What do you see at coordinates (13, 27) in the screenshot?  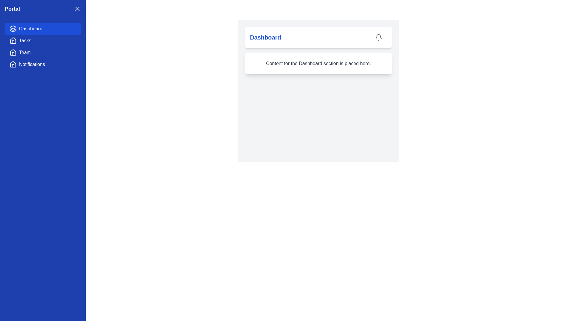 I see `the graphical icon (SVG) that serves as a visual identifier for the dashboard section in the left navigation bar, located next to the text 'Dashboard'` at bounding box center [13, 27].